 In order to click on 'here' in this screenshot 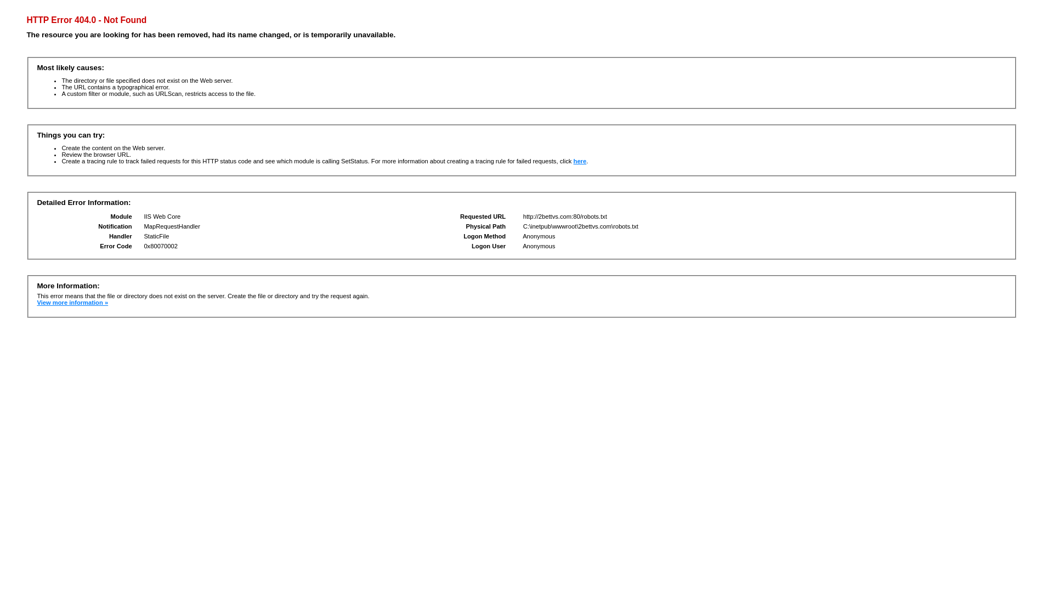, I will do `click(579, 161)`.